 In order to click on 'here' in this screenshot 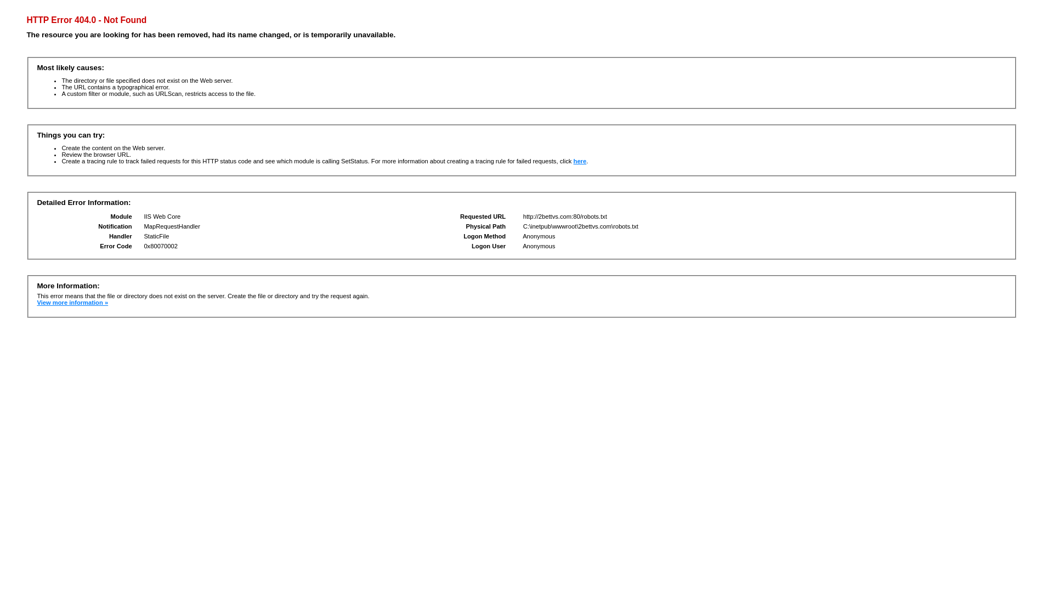, I will do `click(579, 161)`.